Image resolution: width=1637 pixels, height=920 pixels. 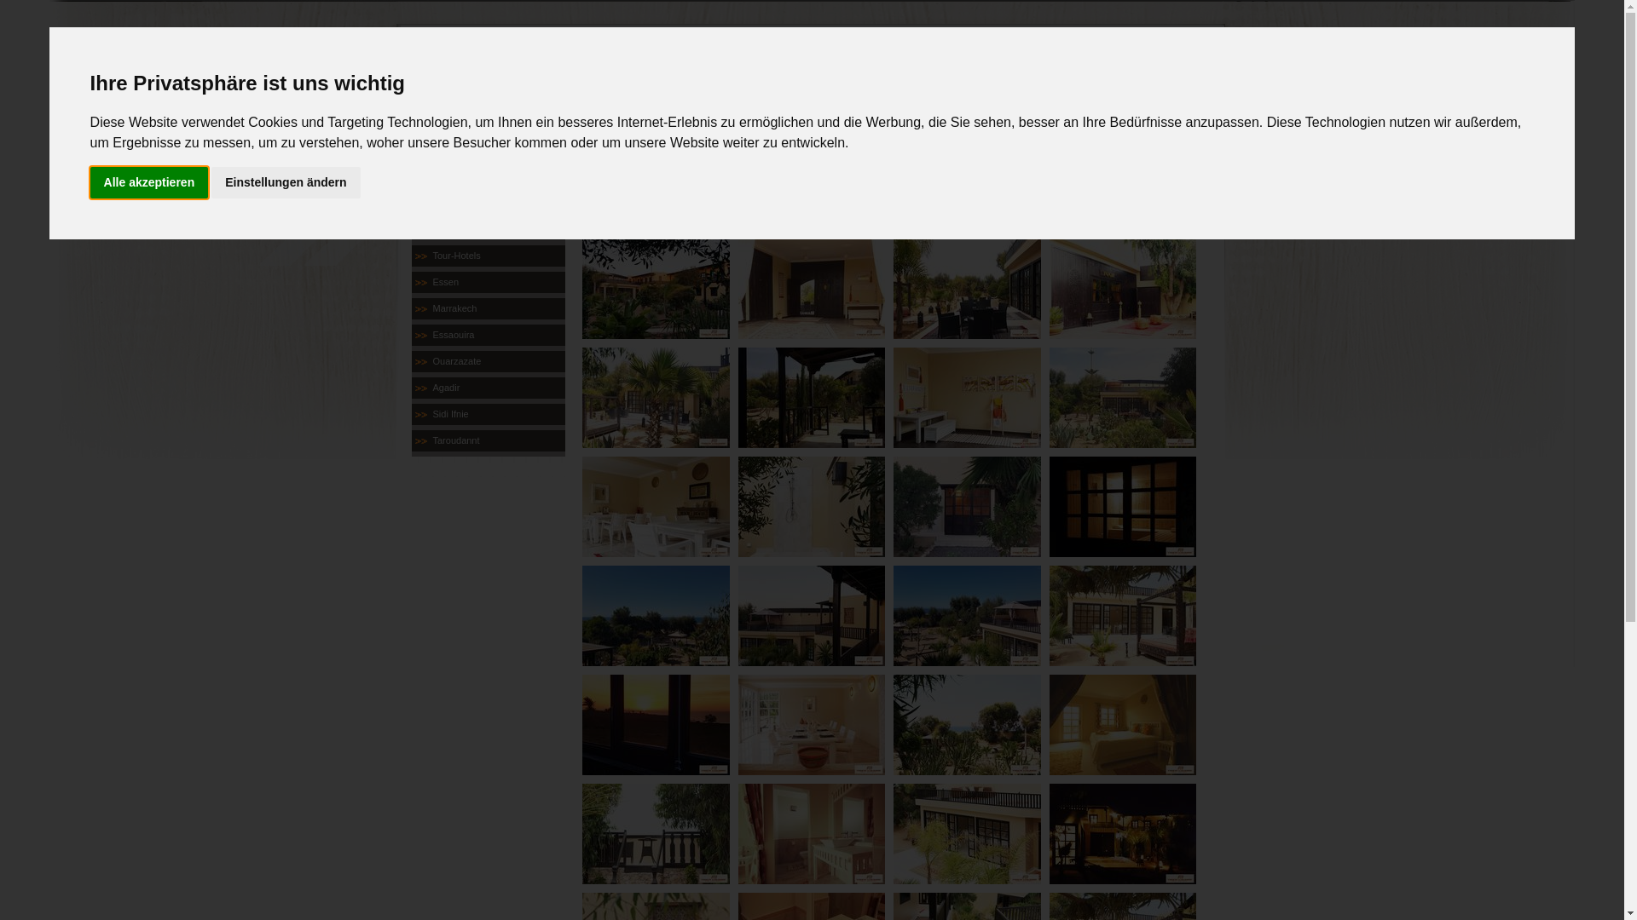 What do you see at coordinates (486, 281) in the screenshot?
I see `'Essen'` at bounding box center [486, 281].